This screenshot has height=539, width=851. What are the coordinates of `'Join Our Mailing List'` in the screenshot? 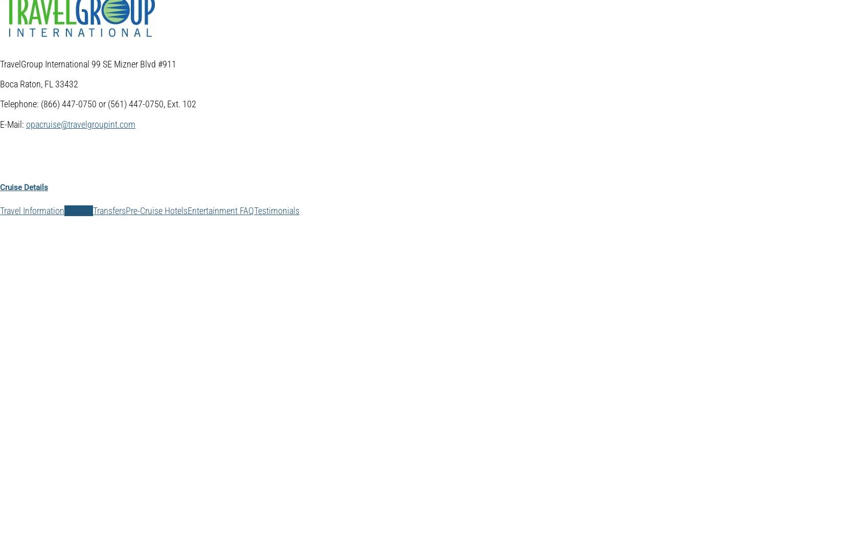 It's located at (57, 472).